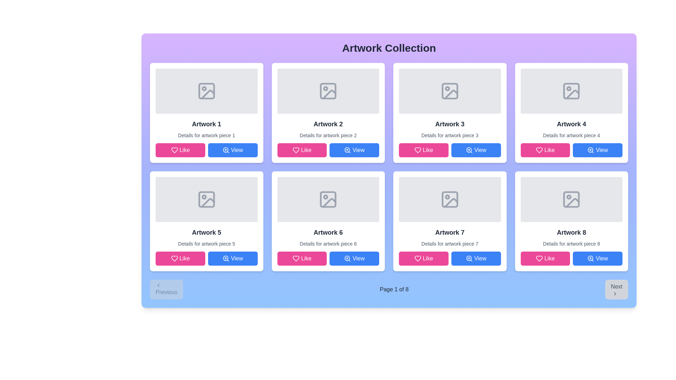 The width and height of the screenshot is (676, 380). I want to click on the SVG icon representing a magnifying glass with a plus symbol inside, which signifies a zoom-in action, located centrally within the 'View' button below the 'Artwork 3' title card, so click(469, 150).